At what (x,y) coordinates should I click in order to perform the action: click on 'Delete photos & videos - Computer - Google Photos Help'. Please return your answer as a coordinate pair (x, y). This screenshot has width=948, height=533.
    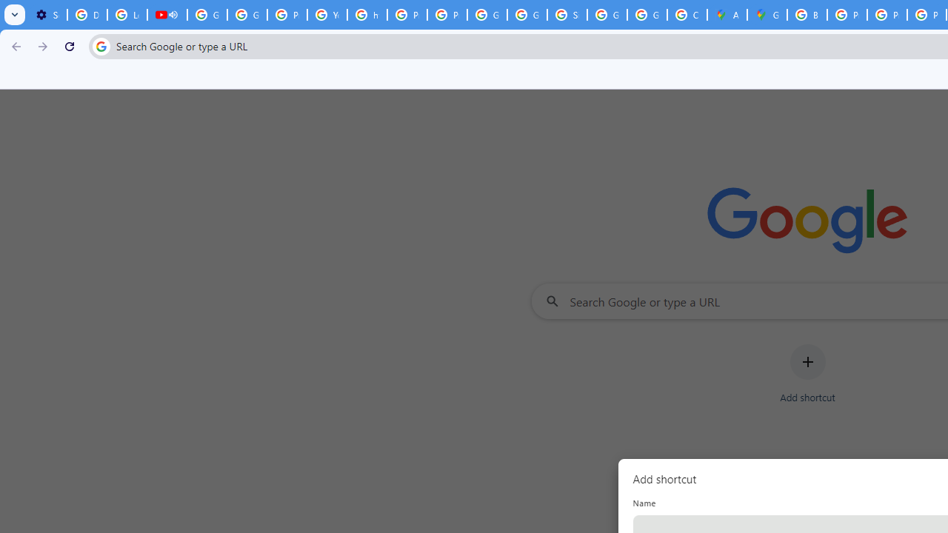
    Looking at the image, I should click on (86, 15).